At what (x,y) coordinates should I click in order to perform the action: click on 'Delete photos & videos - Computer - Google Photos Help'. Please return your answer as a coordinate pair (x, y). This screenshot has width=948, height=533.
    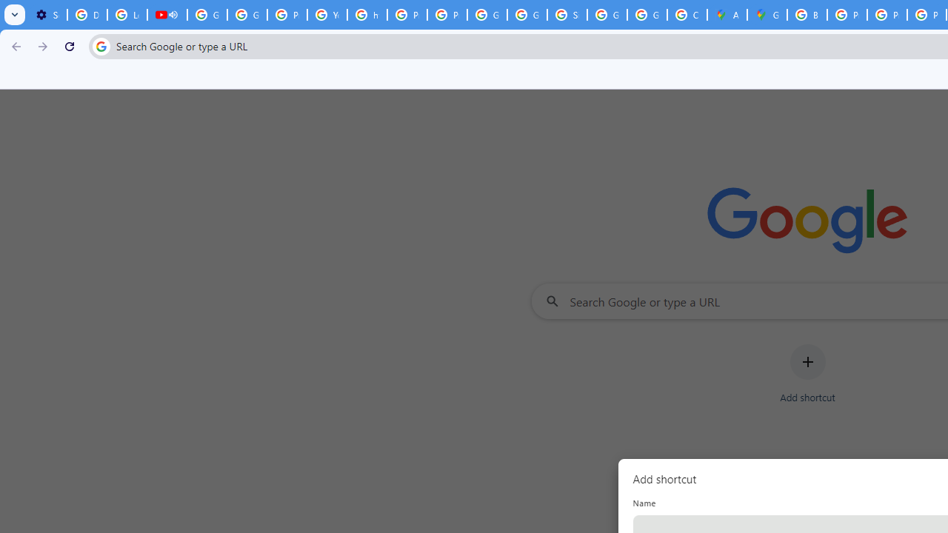
    Looking at the image, I should click on (86, 15).